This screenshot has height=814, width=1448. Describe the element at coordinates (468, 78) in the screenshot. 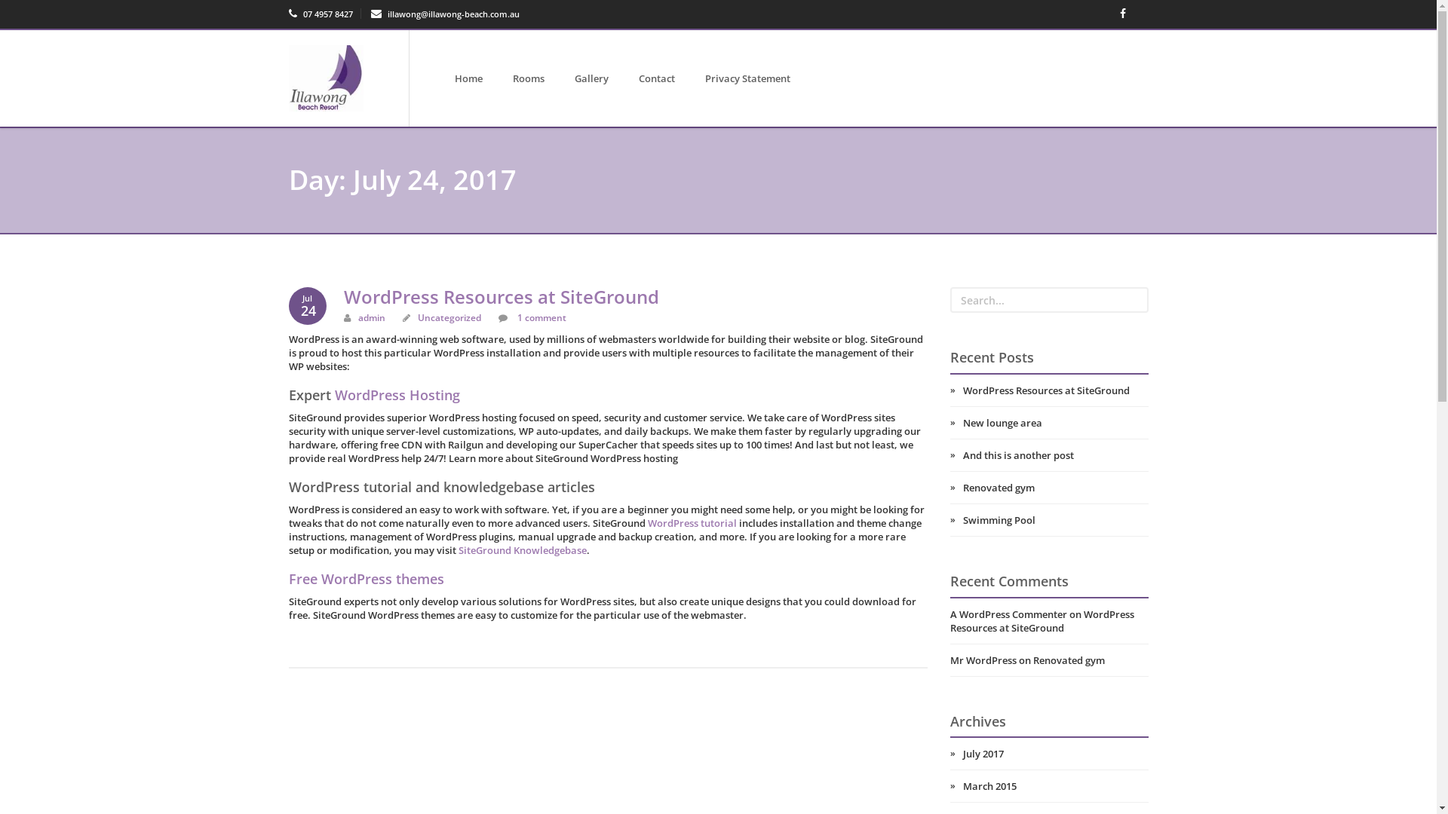

I see `'Home'` at that location.